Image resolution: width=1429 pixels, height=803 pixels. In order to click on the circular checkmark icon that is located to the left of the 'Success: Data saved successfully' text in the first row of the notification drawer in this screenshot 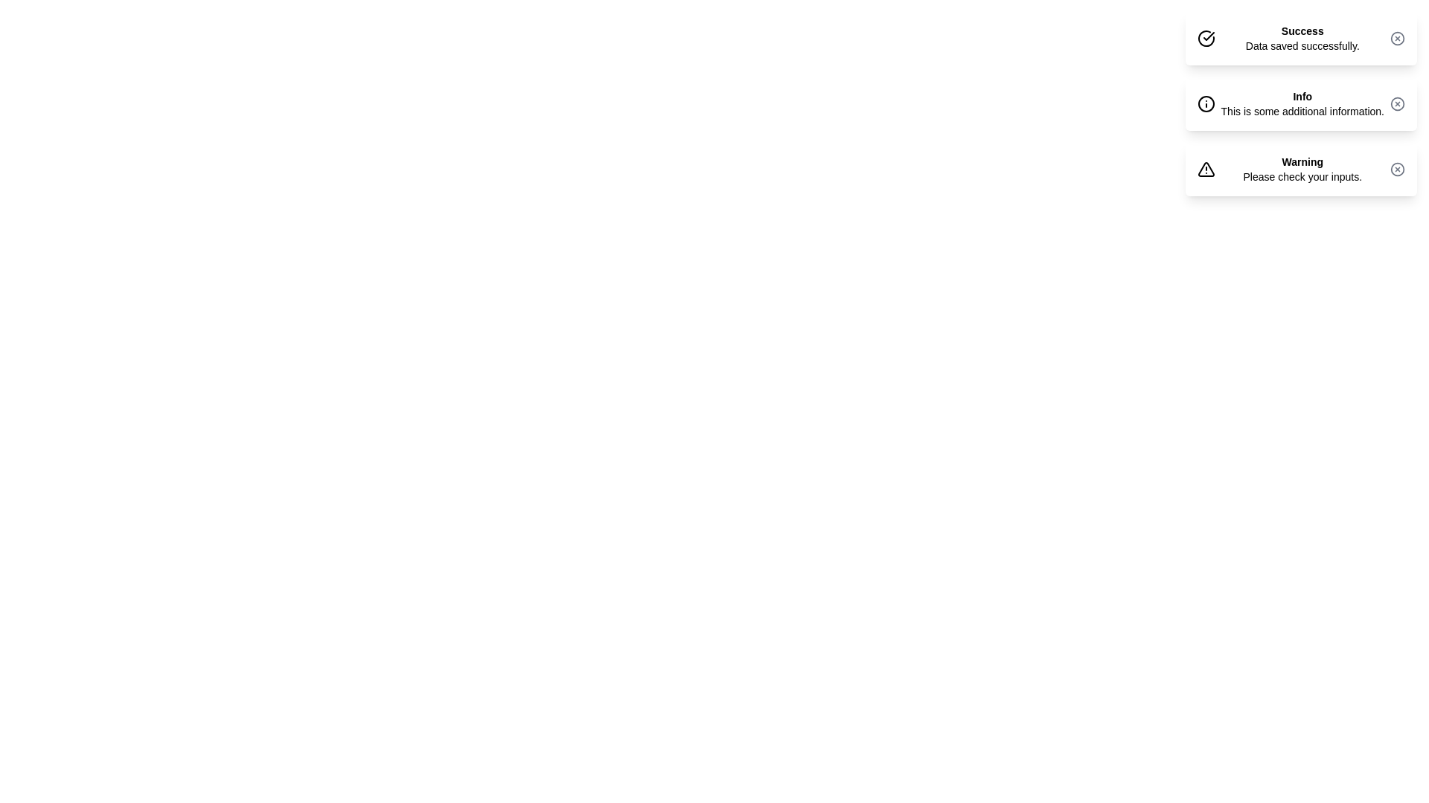, I will do `click(1206, 37)`.